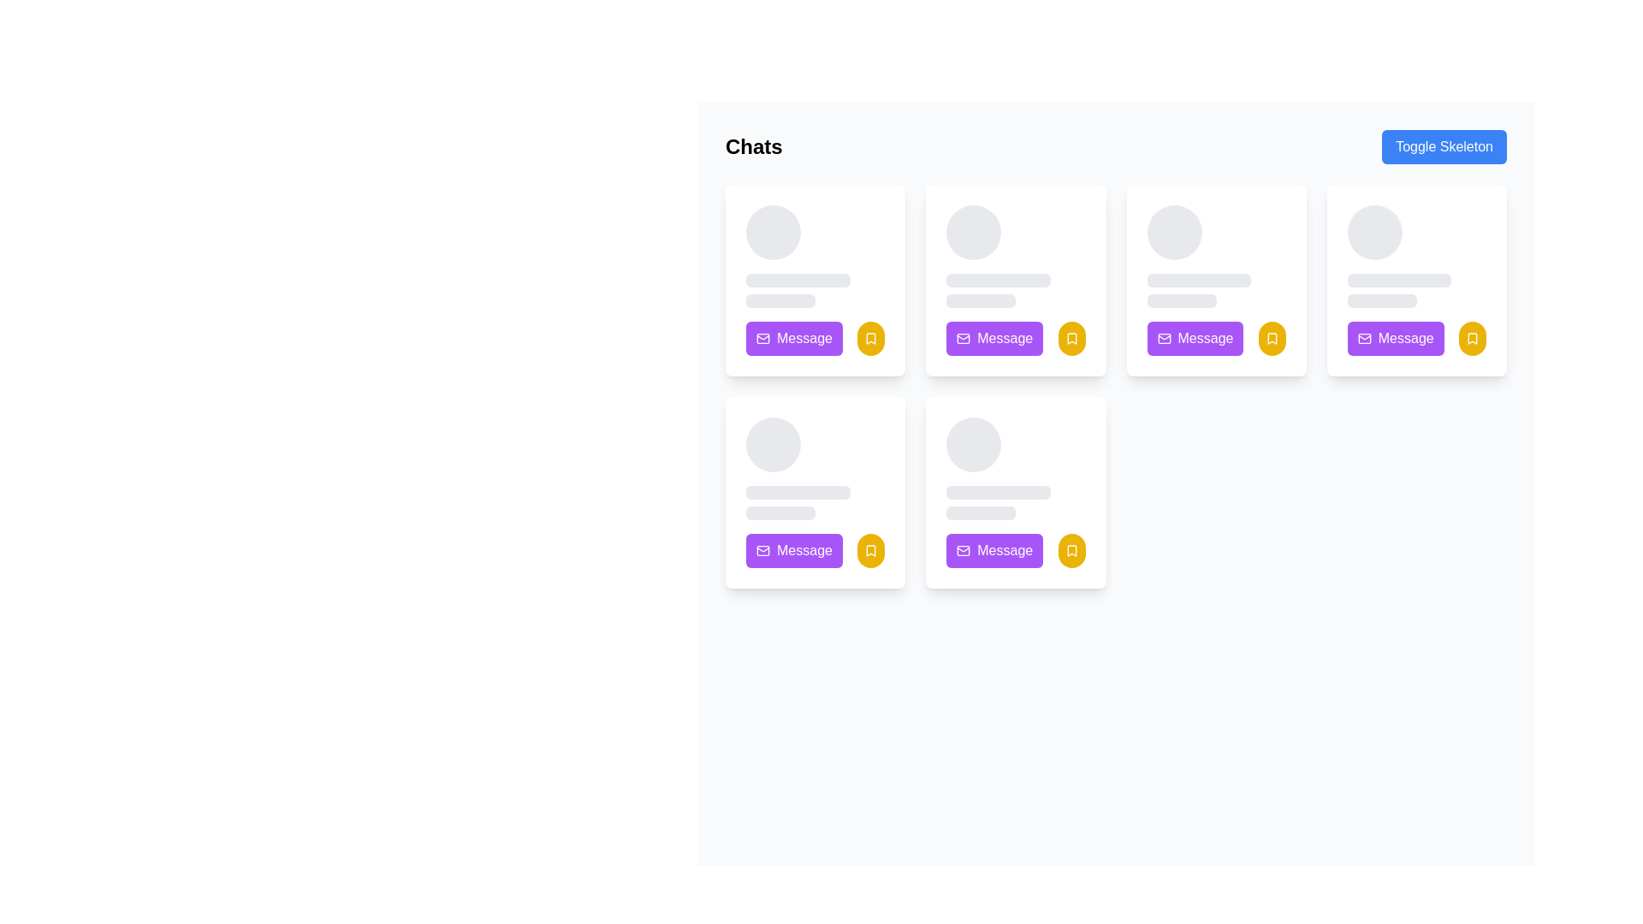  I want to click on the circular yellow button with a white bookmark icon located at the bottom-right corner of the user card layout to visualize the hover effect, so click(871, 551).